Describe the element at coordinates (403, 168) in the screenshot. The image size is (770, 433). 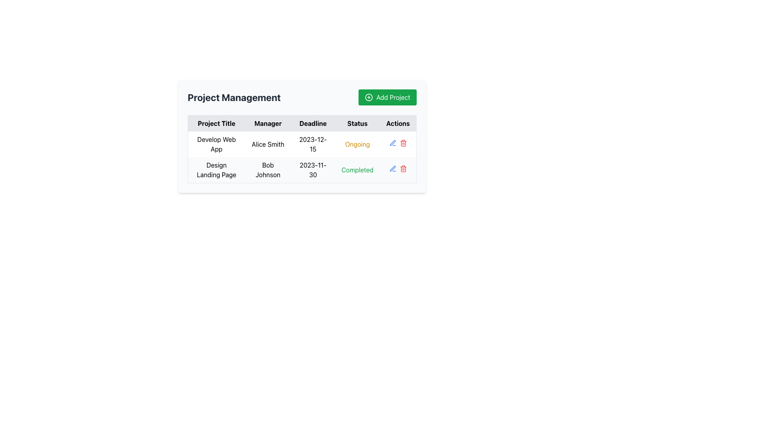
I see `the red trashcan-shaped icon button located in the 'Actions' column of the second row of the table to observe the hover color change to a darker red shade` at that location.